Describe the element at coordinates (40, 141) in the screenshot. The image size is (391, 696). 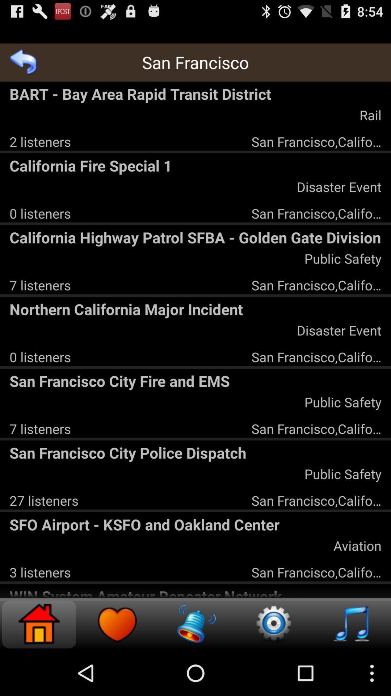
I see `item to the left of san francisco,california item` at that location.